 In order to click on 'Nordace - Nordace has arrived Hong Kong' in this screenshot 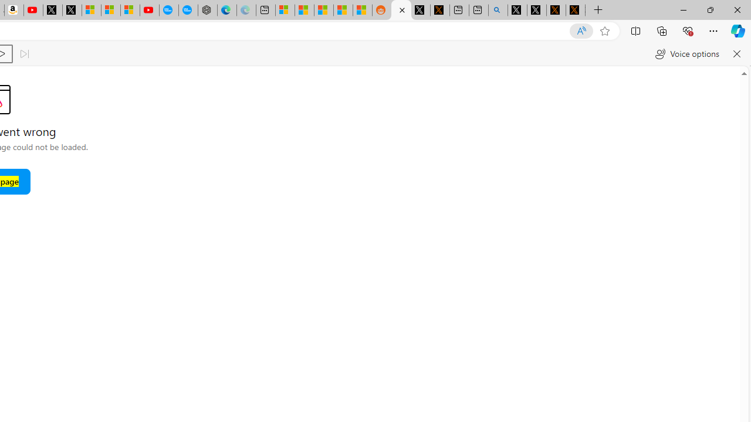, I will do `click(207, 10)`.